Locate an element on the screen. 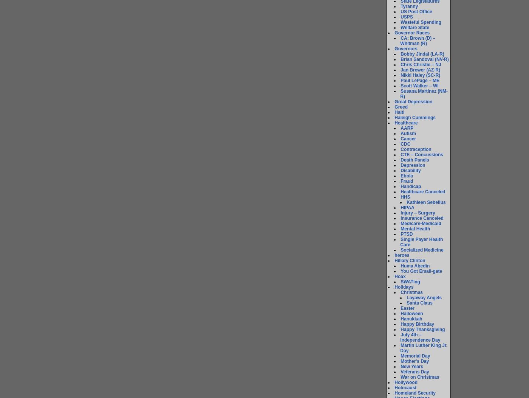  'Single Payer Health Care' is located at coordinates (421, 242).